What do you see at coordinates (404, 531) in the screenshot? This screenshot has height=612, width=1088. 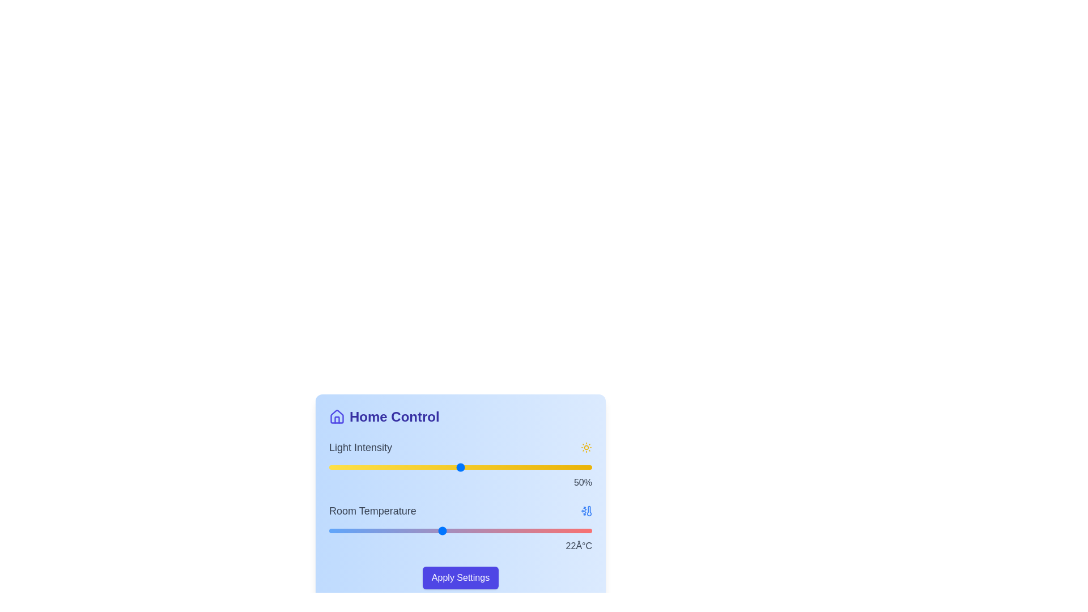 I see `the room temperature slider to 20 degrees Celsius` at bounding box center [404, 531].